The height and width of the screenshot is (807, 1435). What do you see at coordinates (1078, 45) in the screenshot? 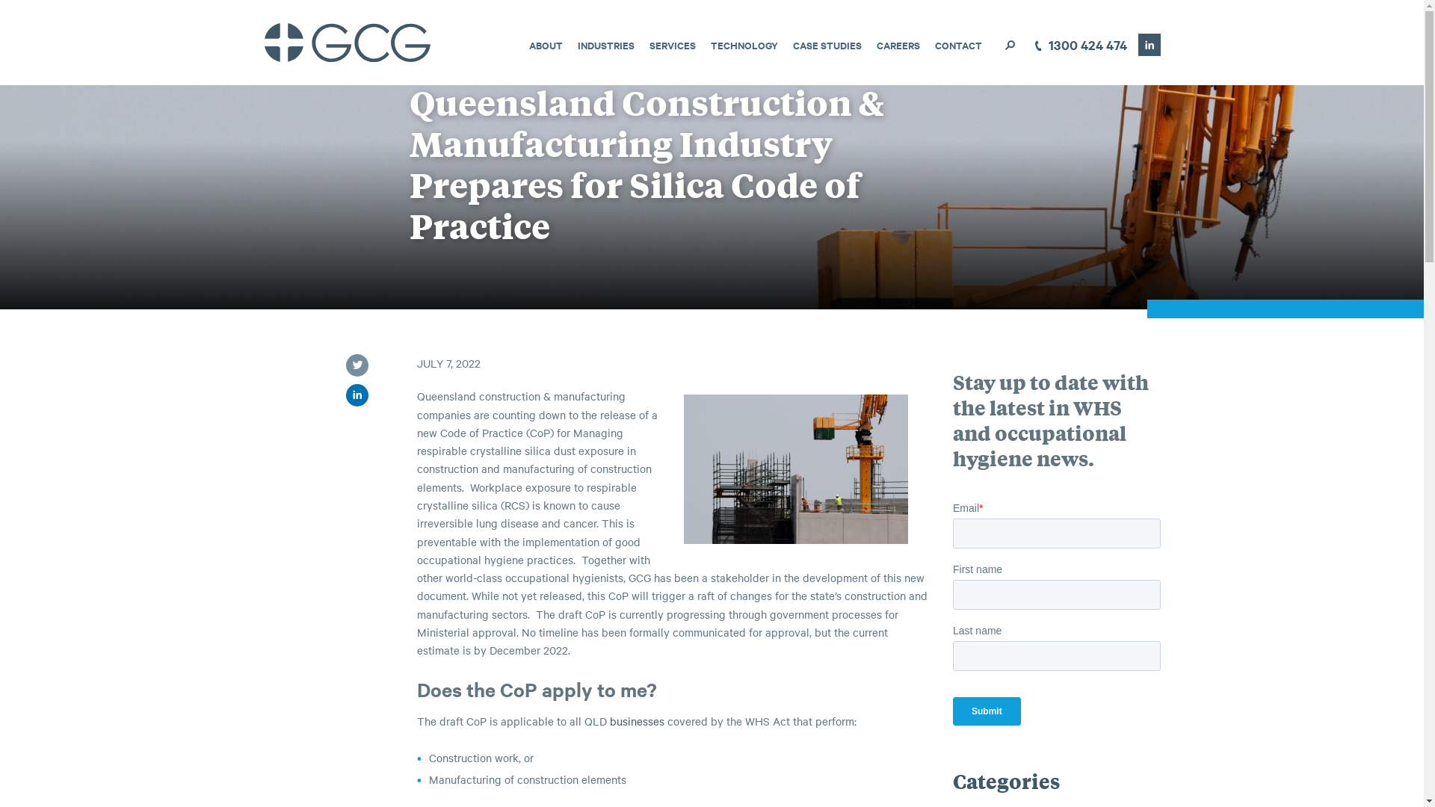
I see `'1300 424 474'` at bounding box center [1078, 45].